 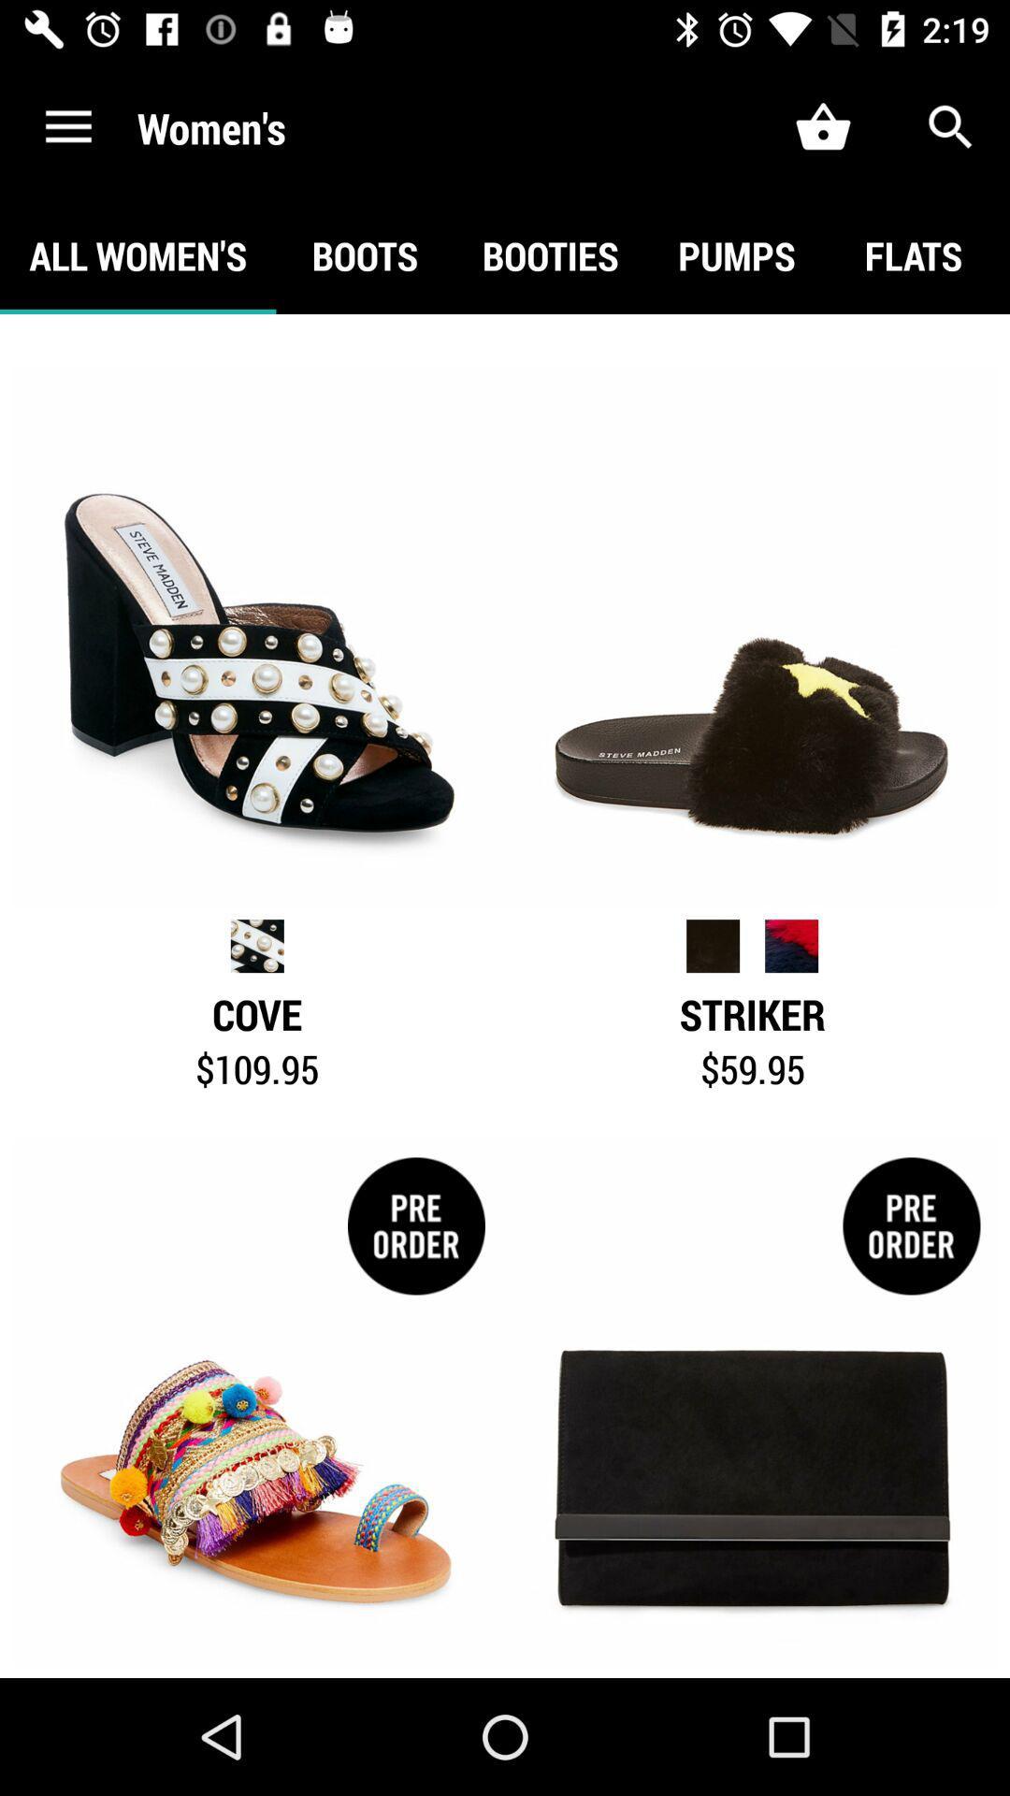 What do you see at coordinates (67, 126) in the screenshot?
I see `icon to the left of women's` at bounding box center [67, 126].